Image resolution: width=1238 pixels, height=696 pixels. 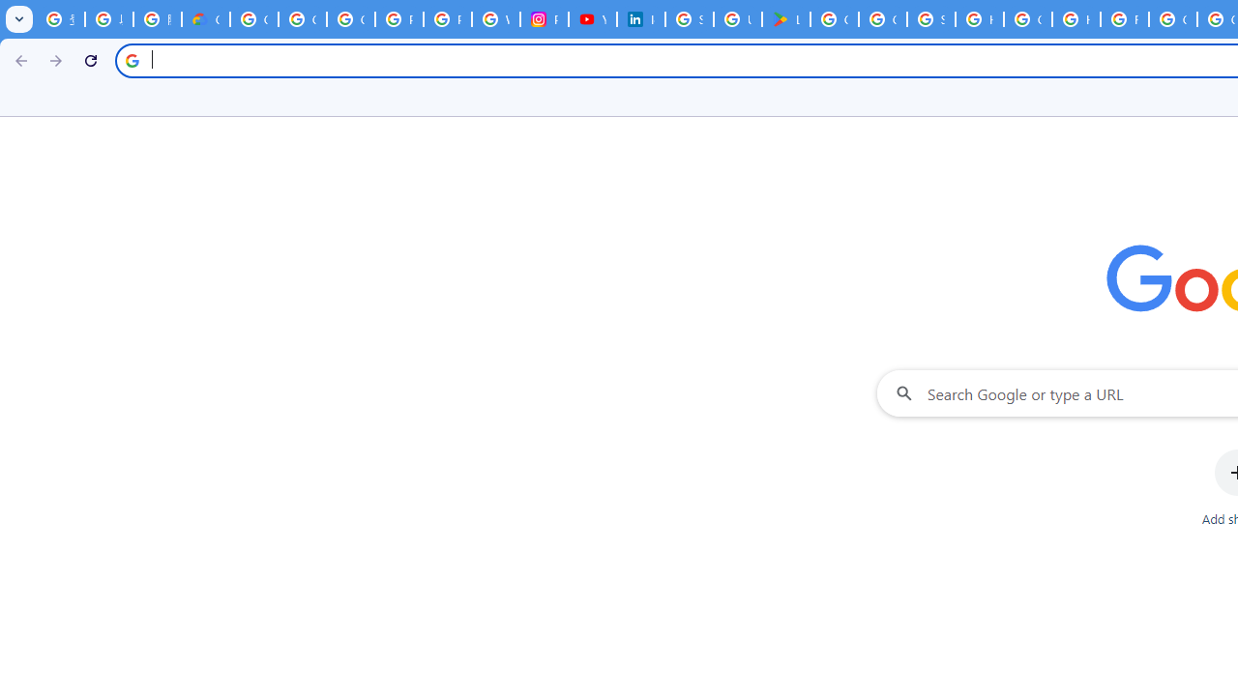 I want to click on 'Sign in - Google Accounts', so click(x=689, y=19).